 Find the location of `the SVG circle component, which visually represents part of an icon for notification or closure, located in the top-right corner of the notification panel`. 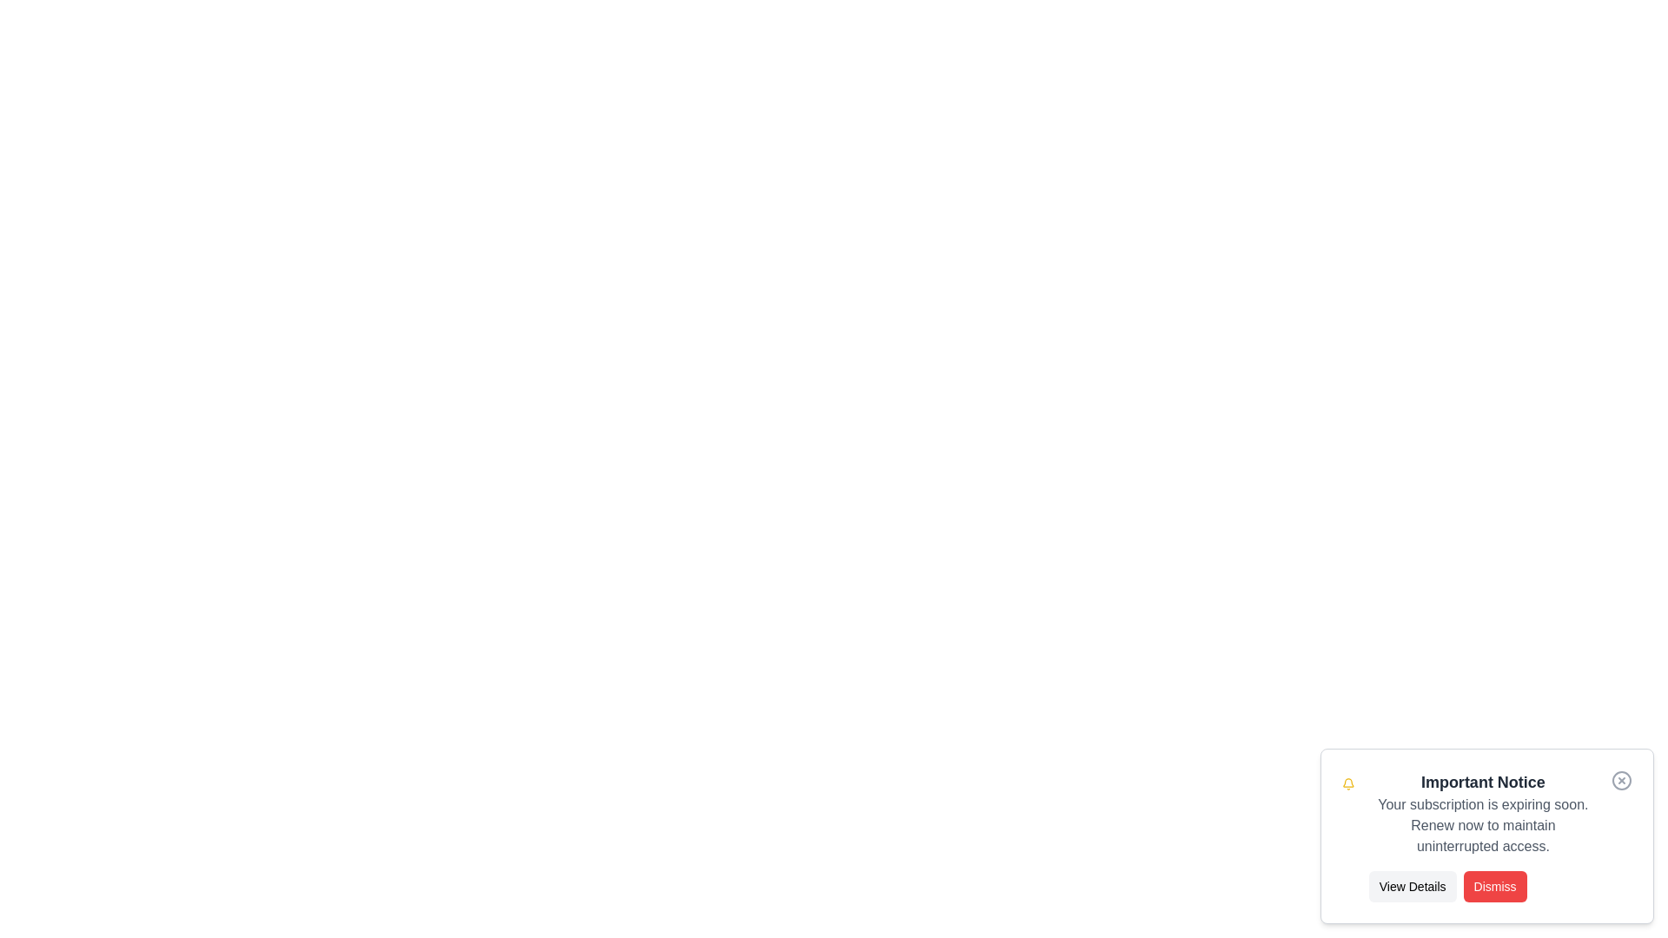

the SVG circle component, which visually represents part of an icon for notification or closure, located in the top-right corner of the notification panel is located at coordinates (1621, 779).